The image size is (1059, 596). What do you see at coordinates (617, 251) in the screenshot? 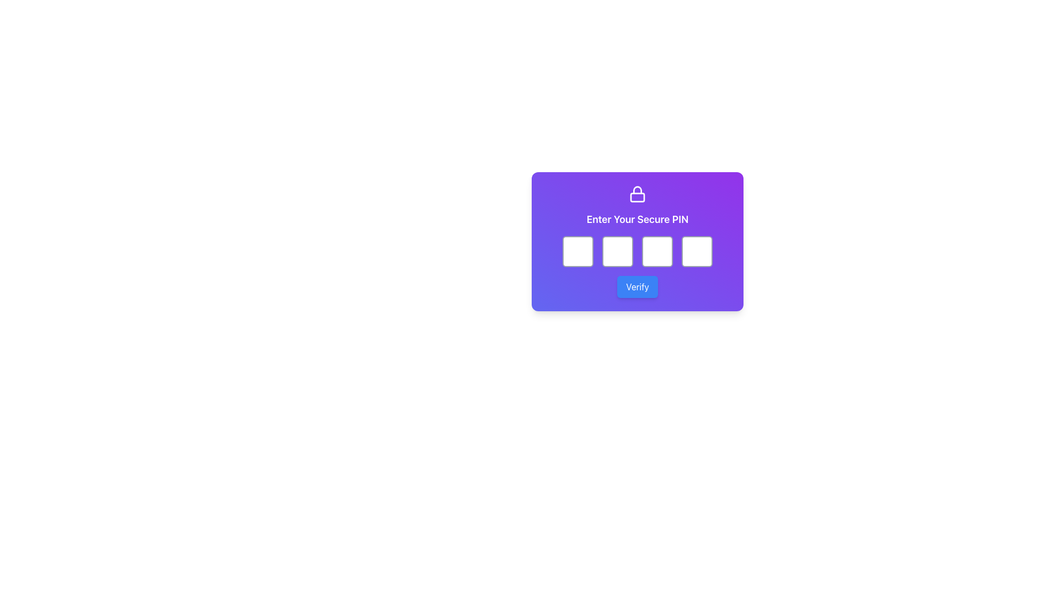
I see `the second password input field in the horizontal row of four fields to set focus for user input` at bounding box center [617, 251].